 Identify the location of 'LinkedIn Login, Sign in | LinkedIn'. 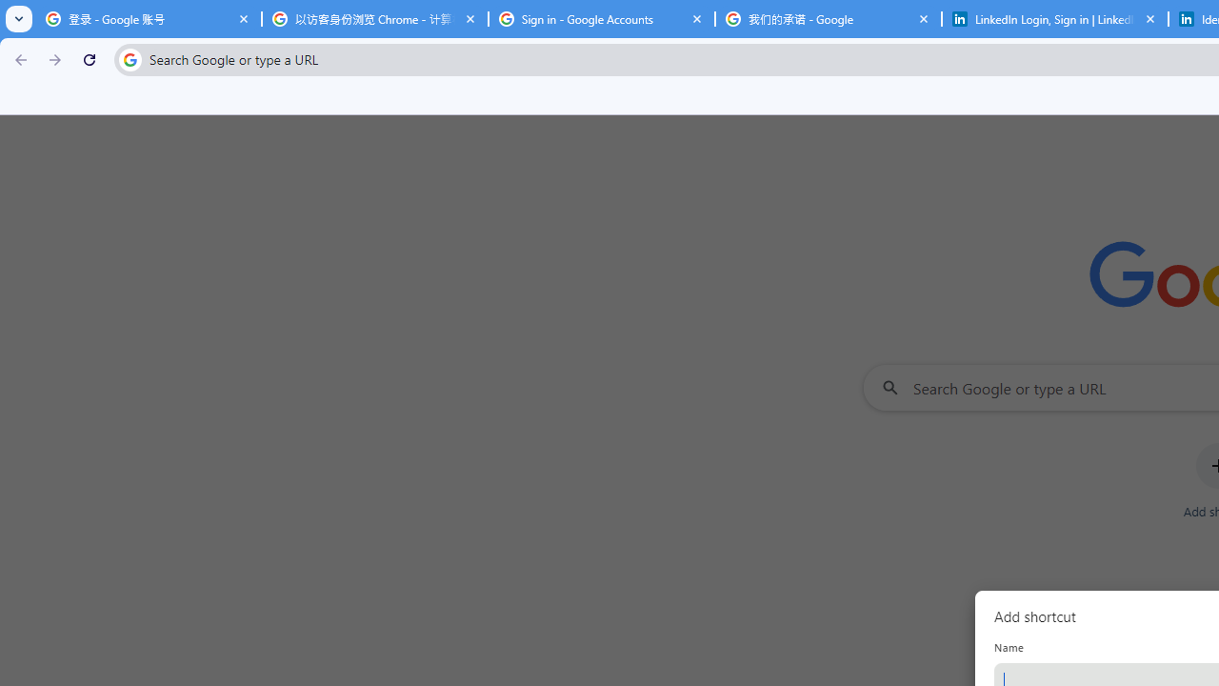
(1054, 19).